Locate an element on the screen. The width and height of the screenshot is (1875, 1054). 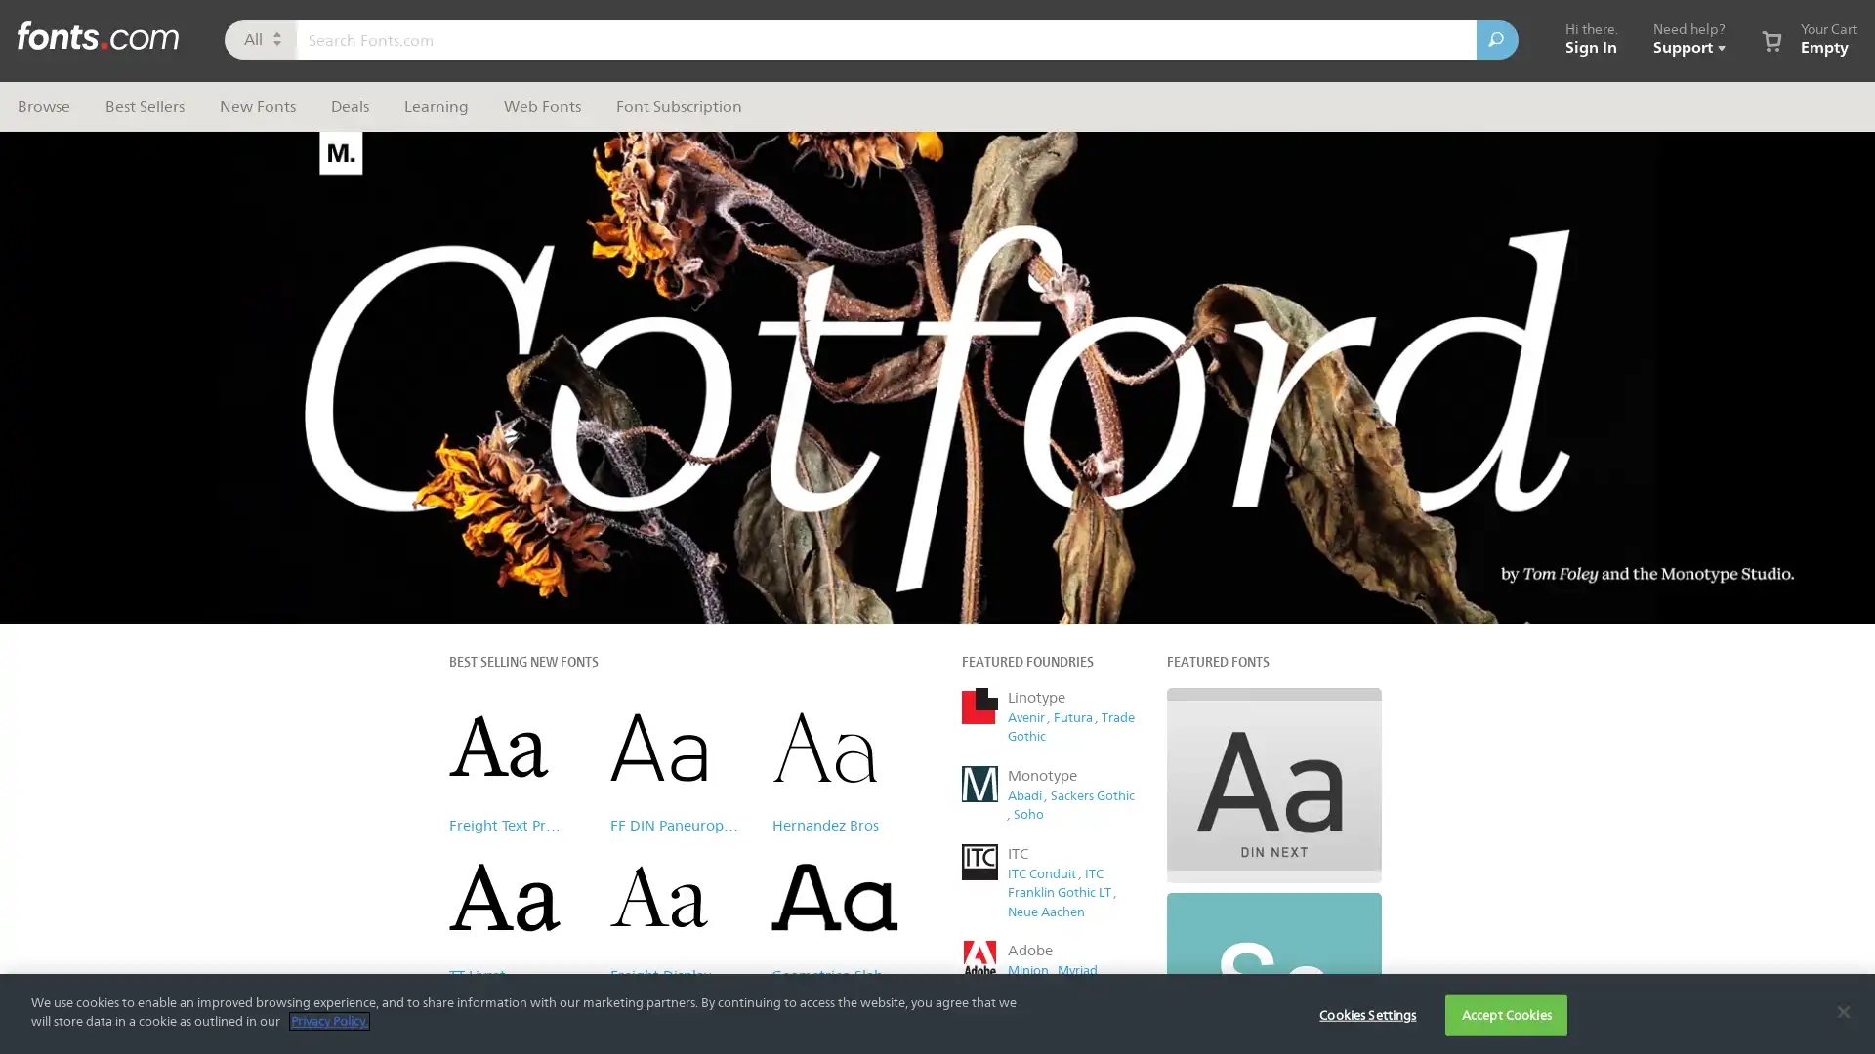
Close is located at coordinates (1842, 1010).